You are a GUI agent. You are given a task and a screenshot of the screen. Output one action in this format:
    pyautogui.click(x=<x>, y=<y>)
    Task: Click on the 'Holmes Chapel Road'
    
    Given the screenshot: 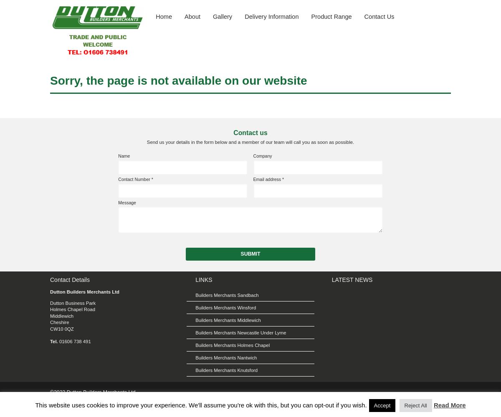 What is the action you would take?
    pyautogui.click(x=72, y=309)
    